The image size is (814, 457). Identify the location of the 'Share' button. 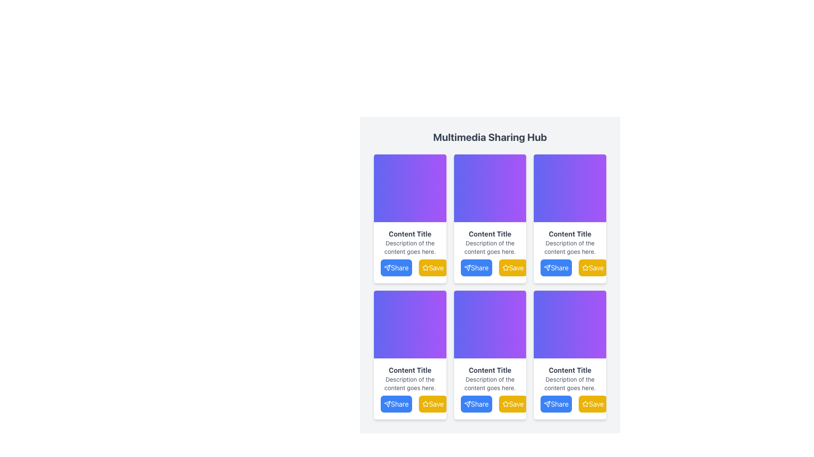
(556, 404).